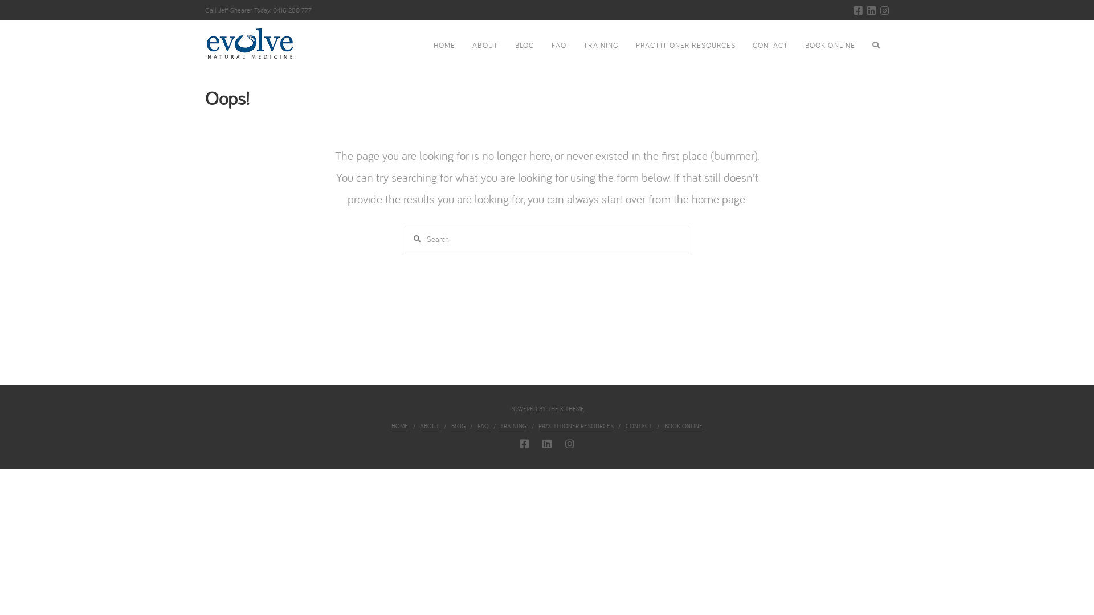  Describe the element at coordinates (458, 426) in the screenshot. I see `'BLOG'` at that location.